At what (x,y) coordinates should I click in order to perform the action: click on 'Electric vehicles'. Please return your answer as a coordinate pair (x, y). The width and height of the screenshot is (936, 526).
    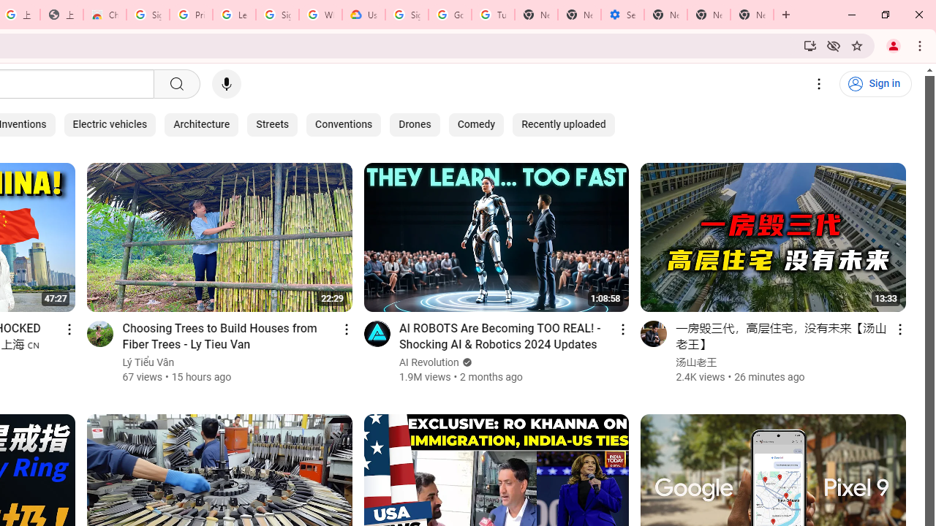
    Looking at the image, I should click on (109, 124).